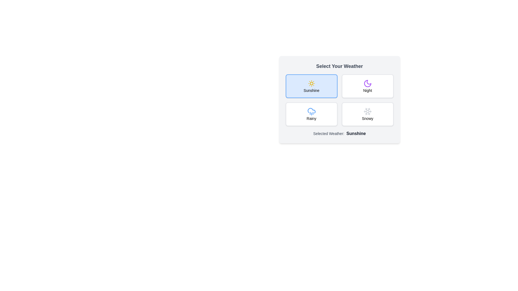 This screenshot has height=291, width=518. I want to click on the weather option Sunshine by clicking its respective button, so click(311, 86).